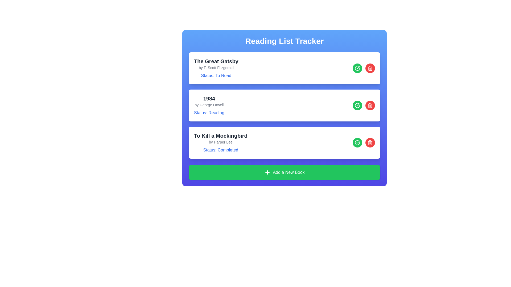 Image resolution: width=511 pixels, height=287 pixels. Describe the element at coordinates (357, 68) in the screenshot. I see `the second green circular icon with a white checkmark, which is located in the middle entry of a three-item list, specifically to the right of the '1984' entry by George Orwell` at that location.